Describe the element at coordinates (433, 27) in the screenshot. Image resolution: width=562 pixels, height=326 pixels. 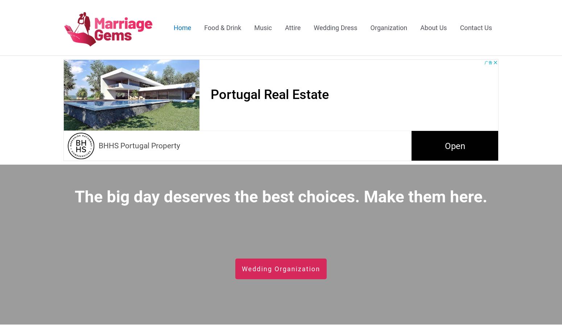
I see `'About Us'` at that location.